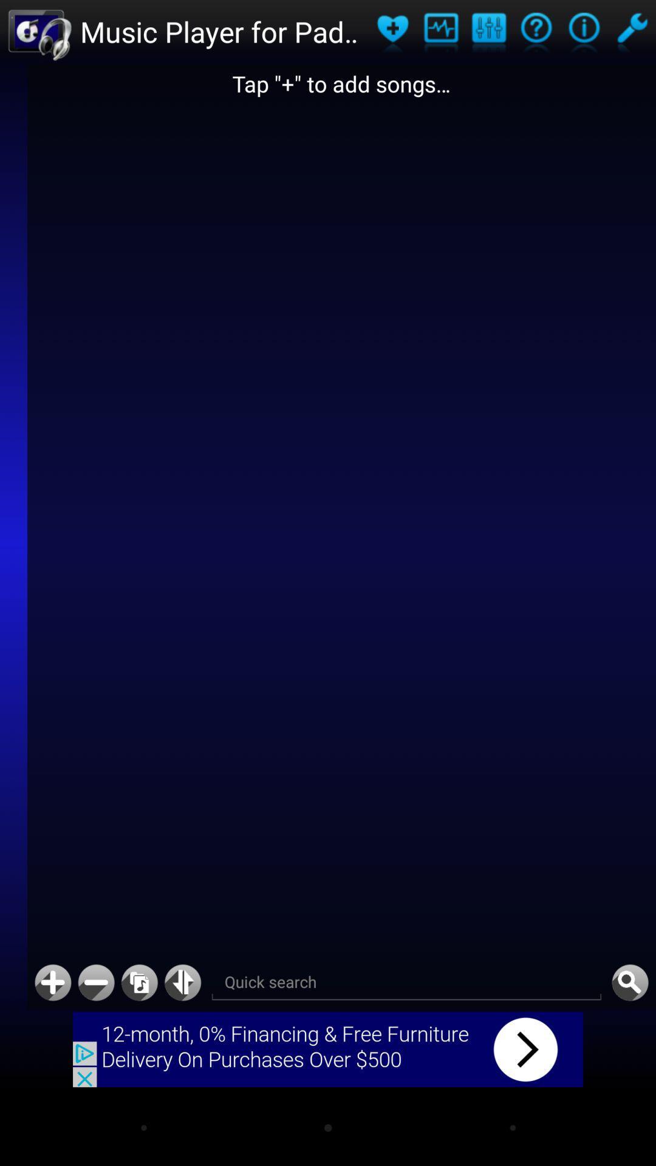 This screenshot has height=1166, width=656. I want to click on the sliders icon, so click(488, 33).